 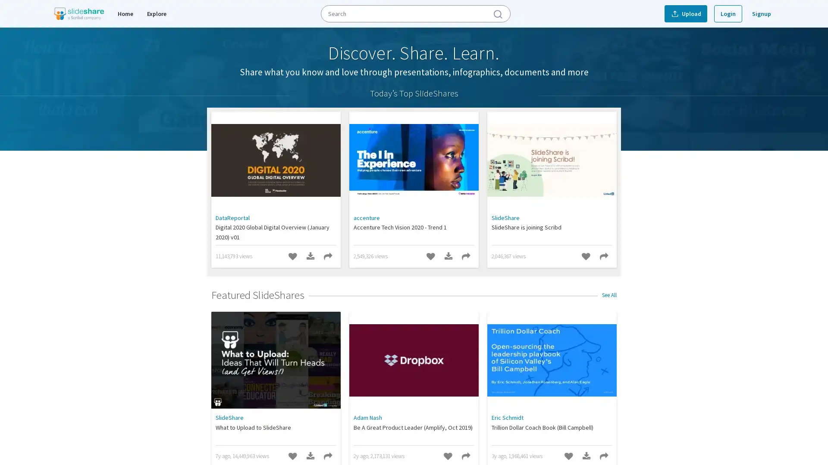 I want to click on Like Digital 2020 Global Digital Overview (January 2020) v01 SlideShare., so click(x=293, y=255).